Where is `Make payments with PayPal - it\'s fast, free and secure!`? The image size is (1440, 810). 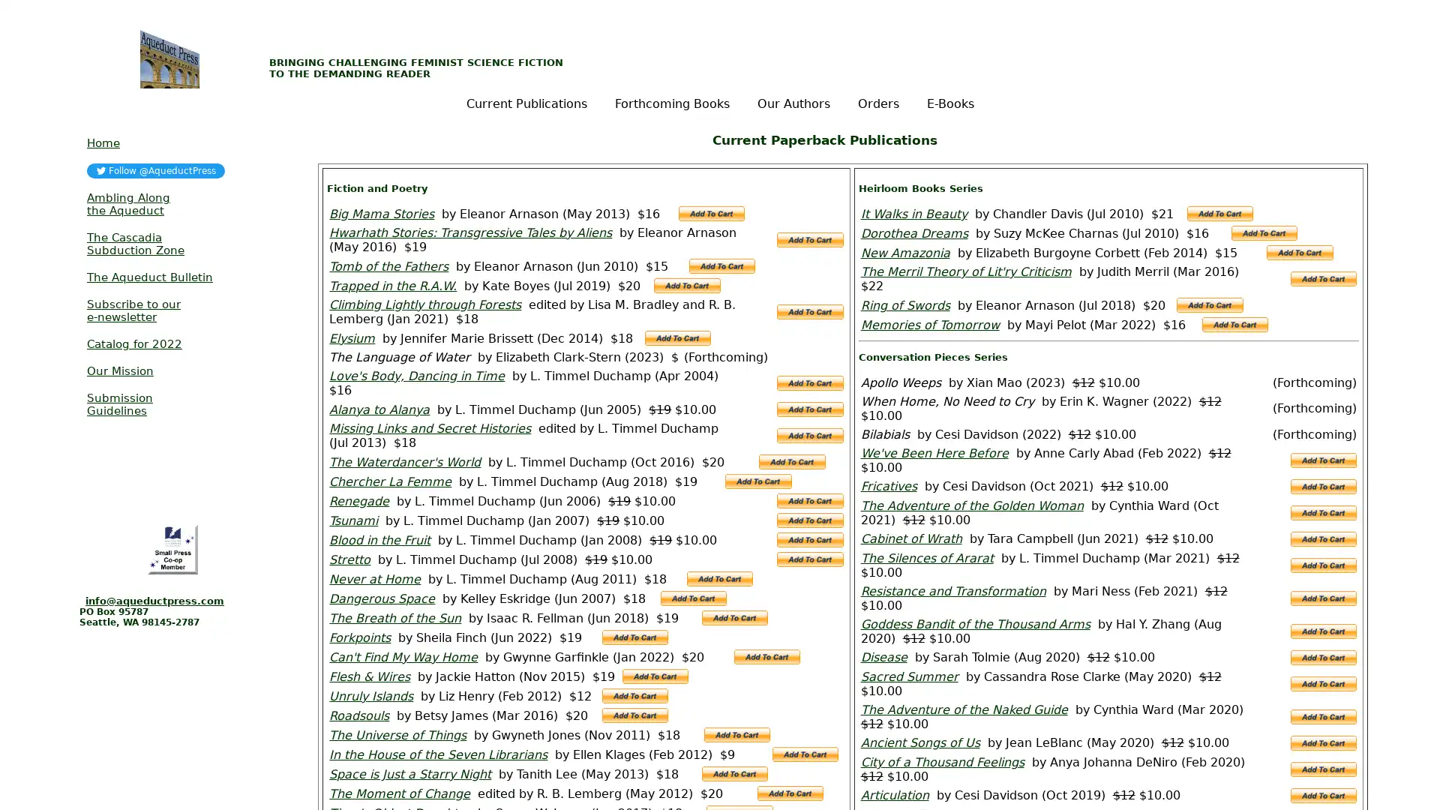 Make payments with PayPal - it\'s fast, free and secure! is located at coordinates (686, 286).